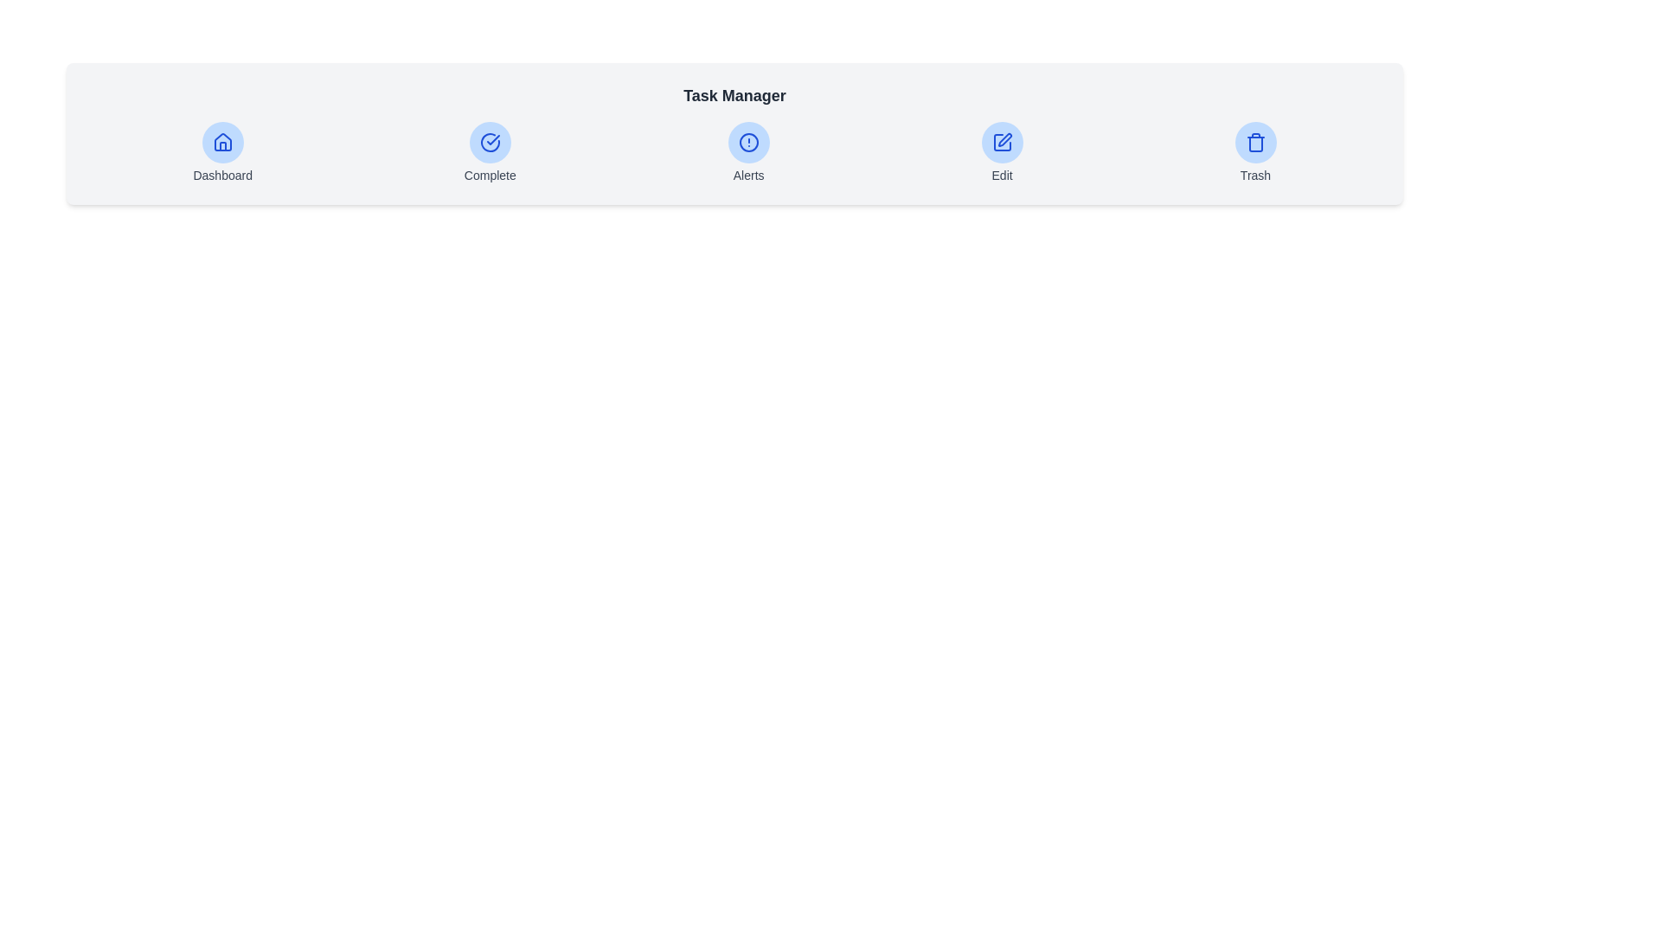  I want to click on the 'Complete' status indicator icon located in the top navigation bar, so click(489, 142).